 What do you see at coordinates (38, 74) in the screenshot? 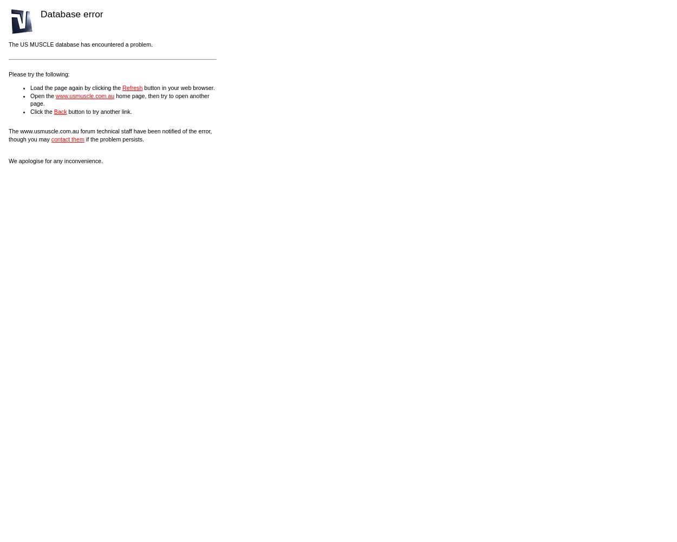
I see `'Please try the following:'` at bounding box center [38, 74].